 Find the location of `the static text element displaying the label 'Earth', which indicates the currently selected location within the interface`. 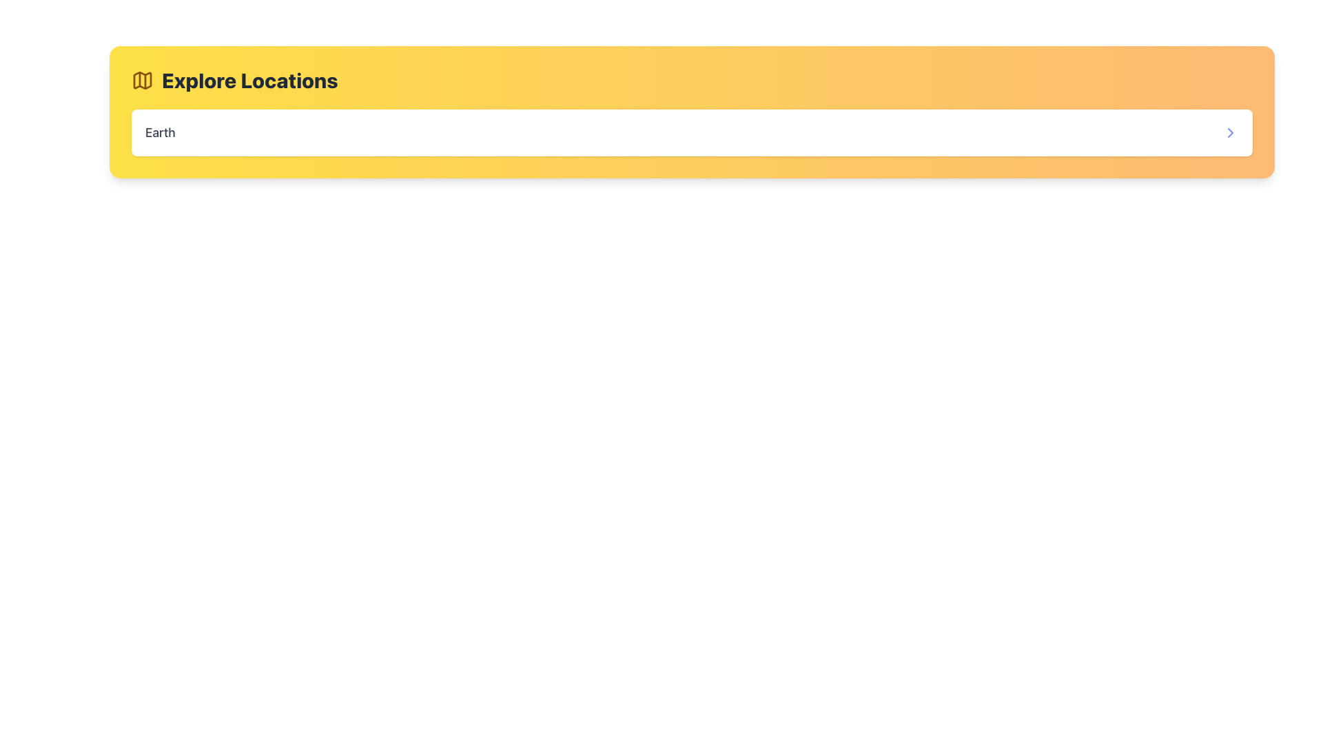

the static text element displaying the label 'Earth', which indicates the currently selected location within the interface is located at coordinates (160, 132).